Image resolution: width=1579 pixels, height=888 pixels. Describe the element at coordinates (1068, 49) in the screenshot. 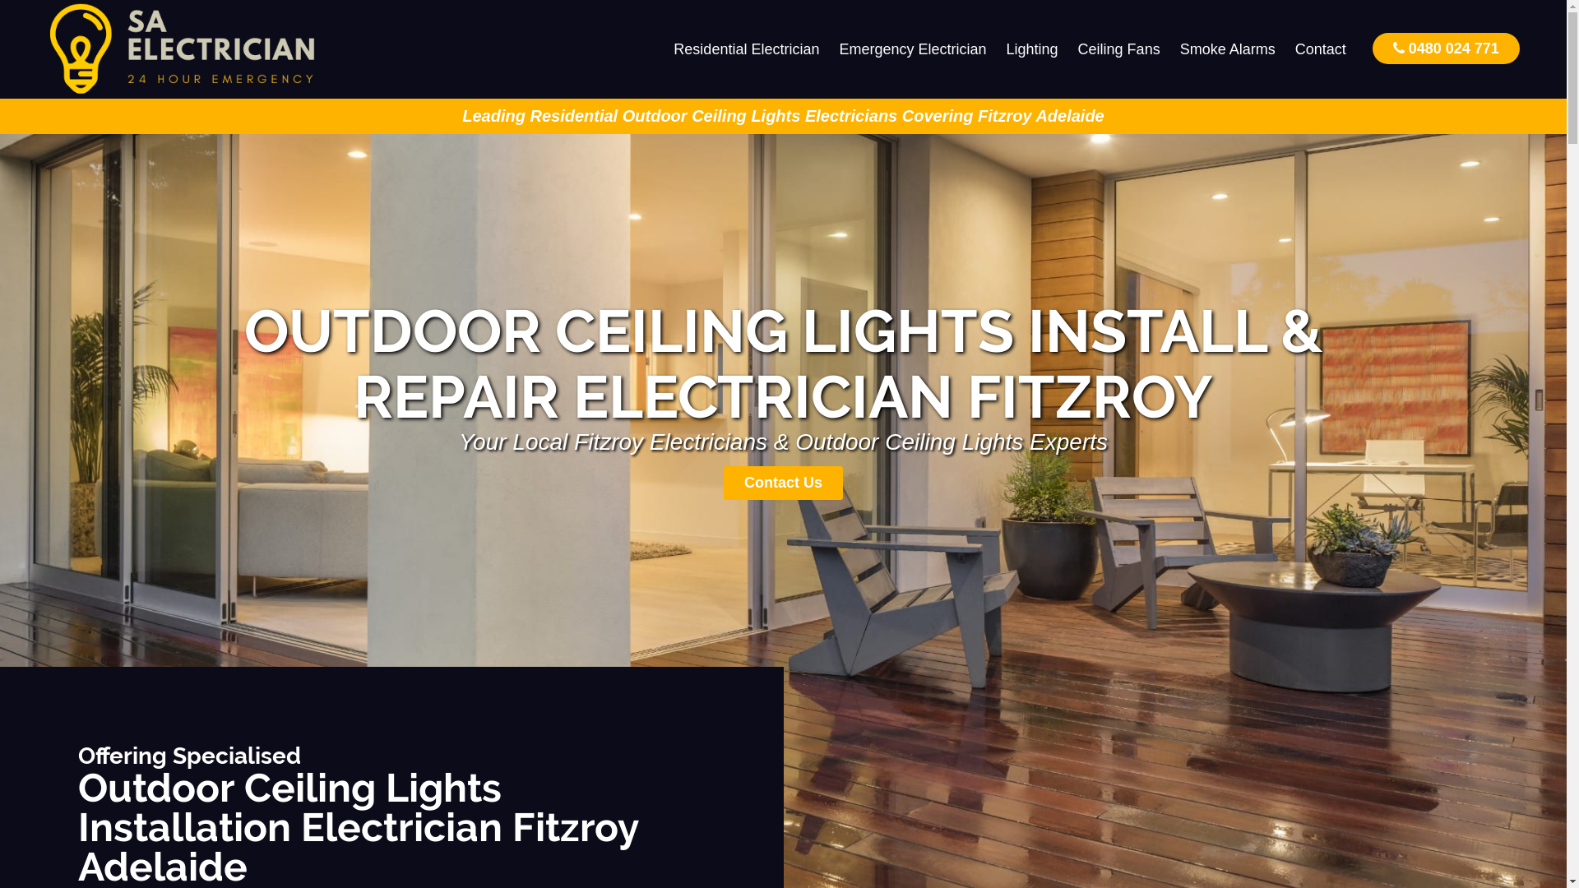

I see `'Ceiling Fans'` at that location.